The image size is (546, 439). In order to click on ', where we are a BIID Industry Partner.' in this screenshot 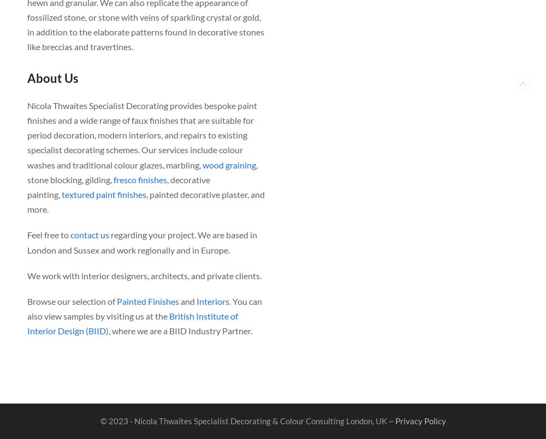, I will do `click(108, 330)`.